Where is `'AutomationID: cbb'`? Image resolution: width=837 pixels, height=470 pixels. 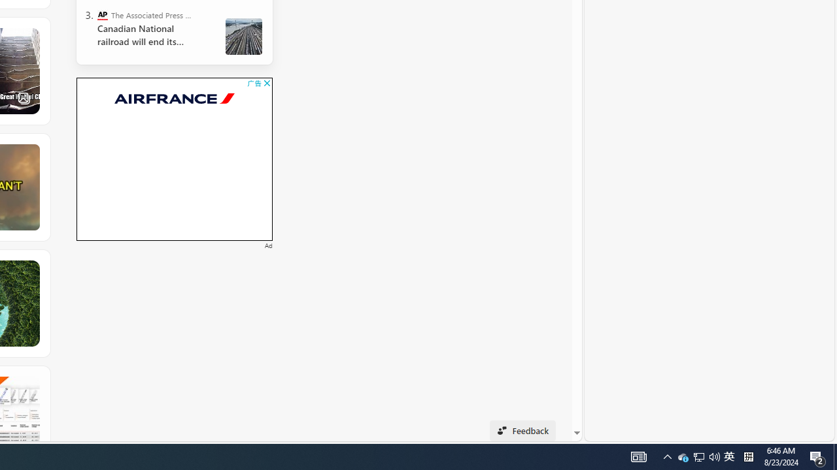
'AutomationID: cbb' is located at coordinates (266, 83).